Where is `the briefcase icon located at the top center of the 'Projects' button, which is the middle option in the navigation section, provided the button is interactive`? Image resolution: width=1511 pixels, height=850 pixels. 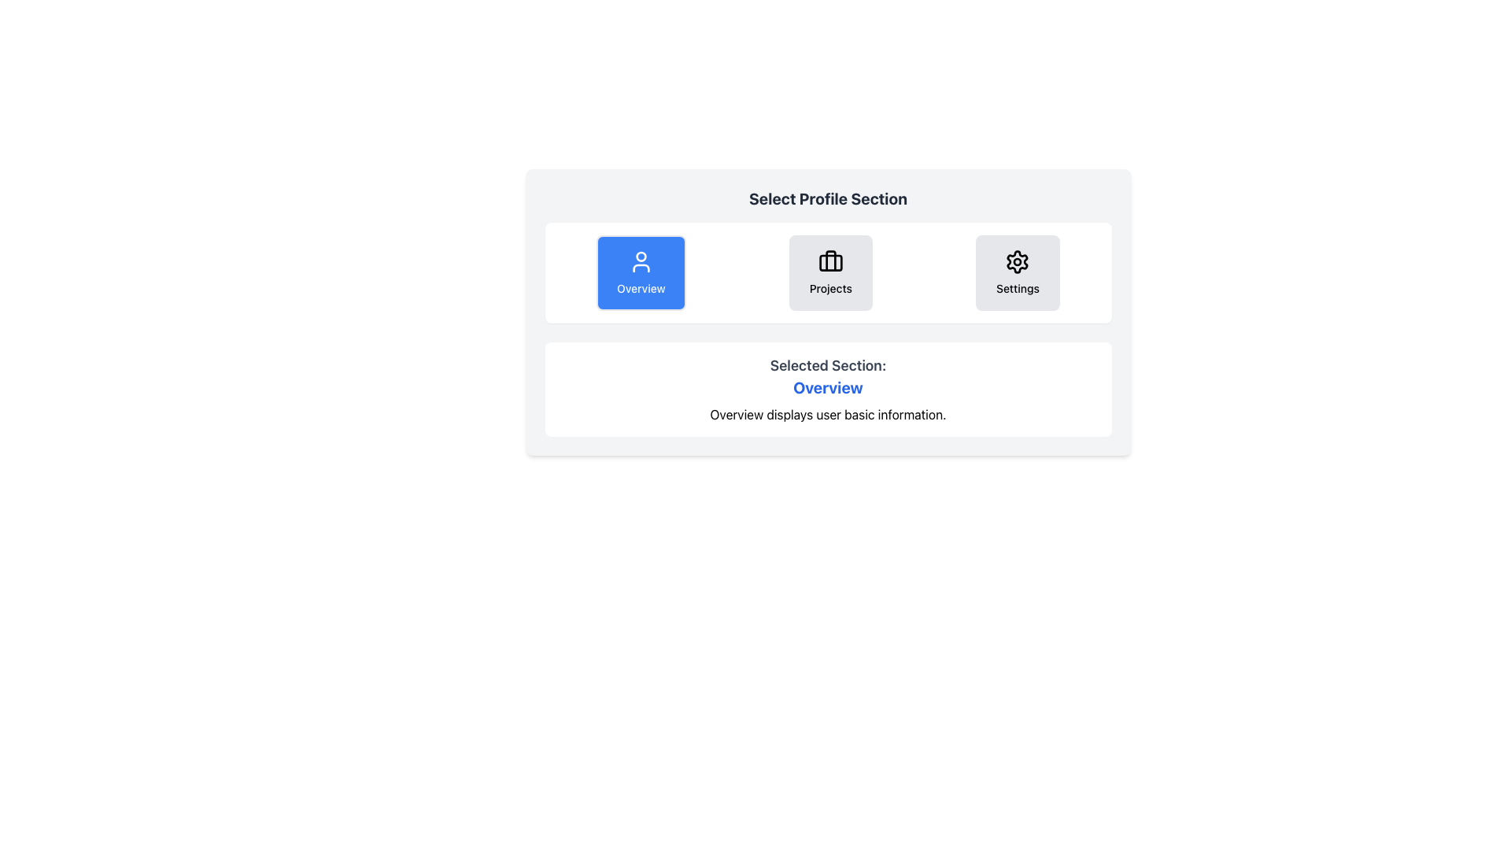
the briefcase icon located at the top center of the 'Projects' button, which is the middle option in the navigation section, provided the button is interactive is located at coordinates (829, 261).